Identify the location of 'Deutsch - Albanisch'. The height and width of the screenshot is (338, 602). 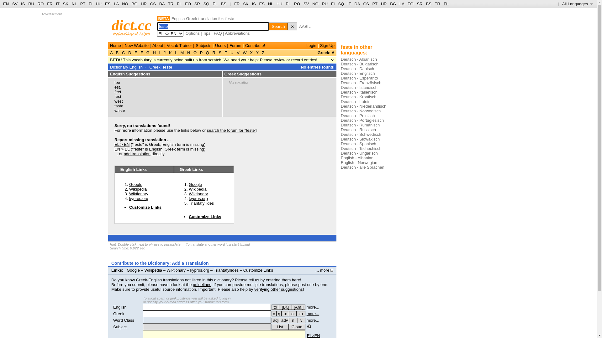
(359, 59).